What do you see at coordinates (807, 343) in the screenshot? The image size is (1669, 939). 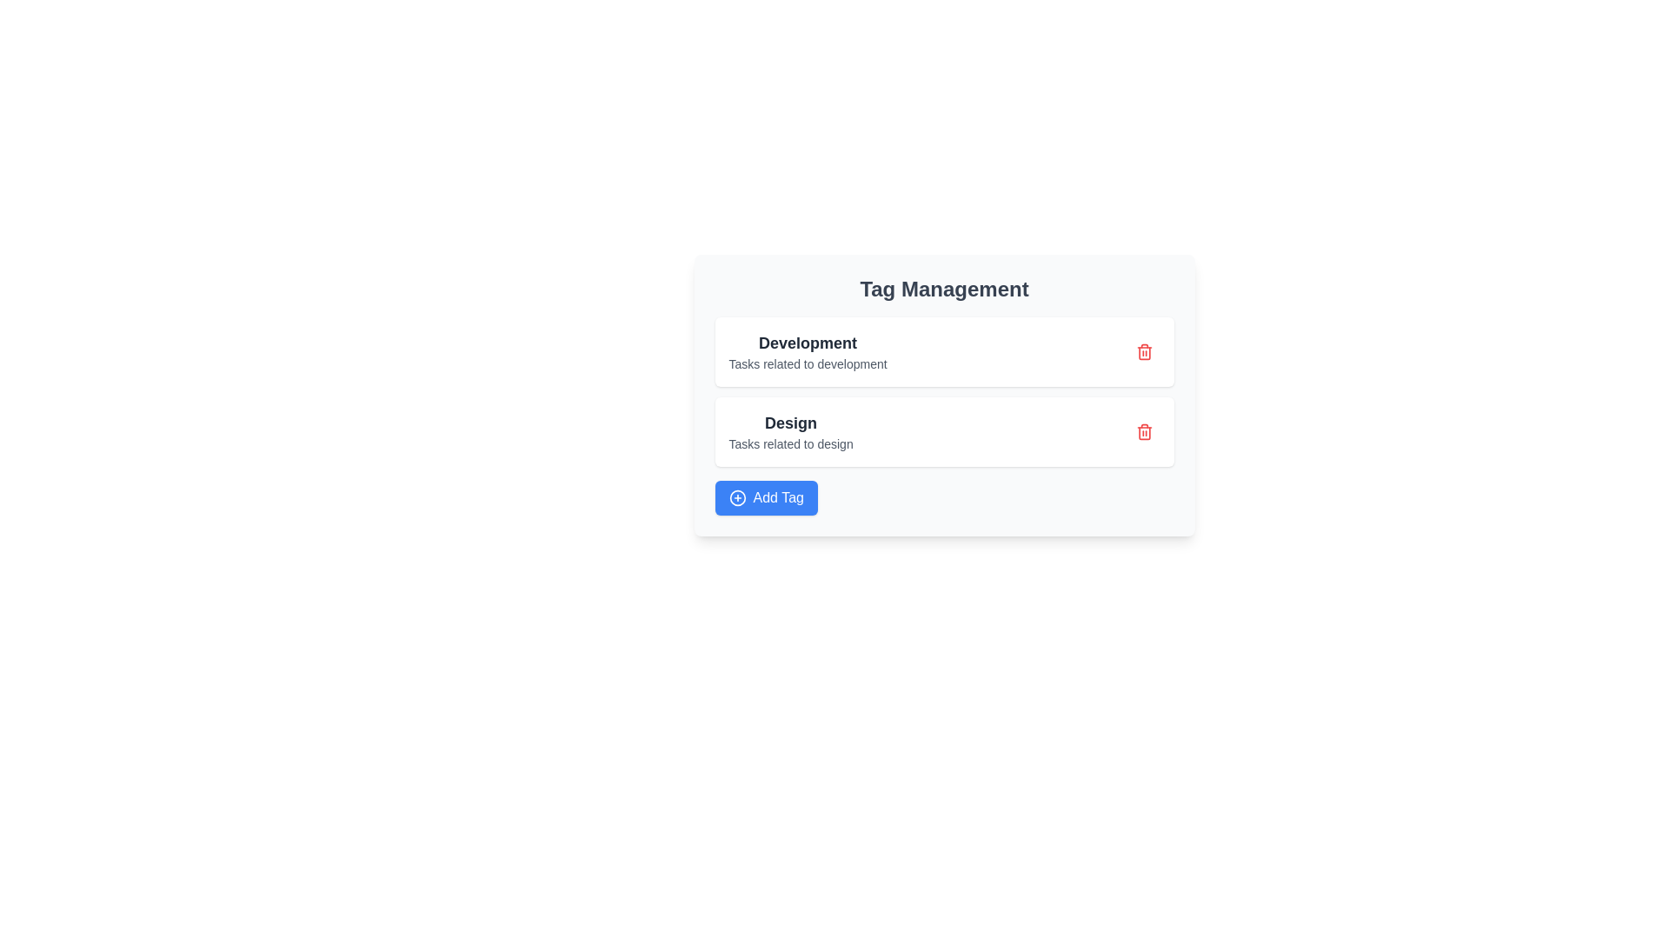 I see `the 'Development' text label located in the top-right area of the interface, above the smaller text 'Tasks related to development'` at bounding box center [807, 343].